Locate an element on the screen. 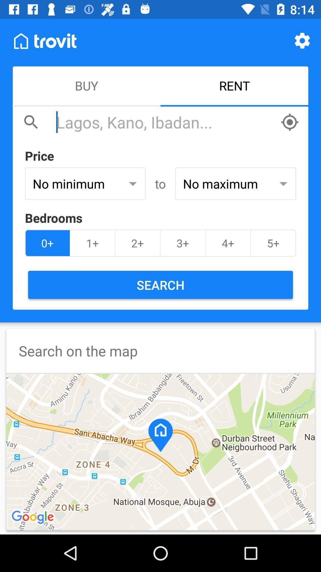 The image size is (321, 572). a search for any location in the app is located at coordinates (165, 122).